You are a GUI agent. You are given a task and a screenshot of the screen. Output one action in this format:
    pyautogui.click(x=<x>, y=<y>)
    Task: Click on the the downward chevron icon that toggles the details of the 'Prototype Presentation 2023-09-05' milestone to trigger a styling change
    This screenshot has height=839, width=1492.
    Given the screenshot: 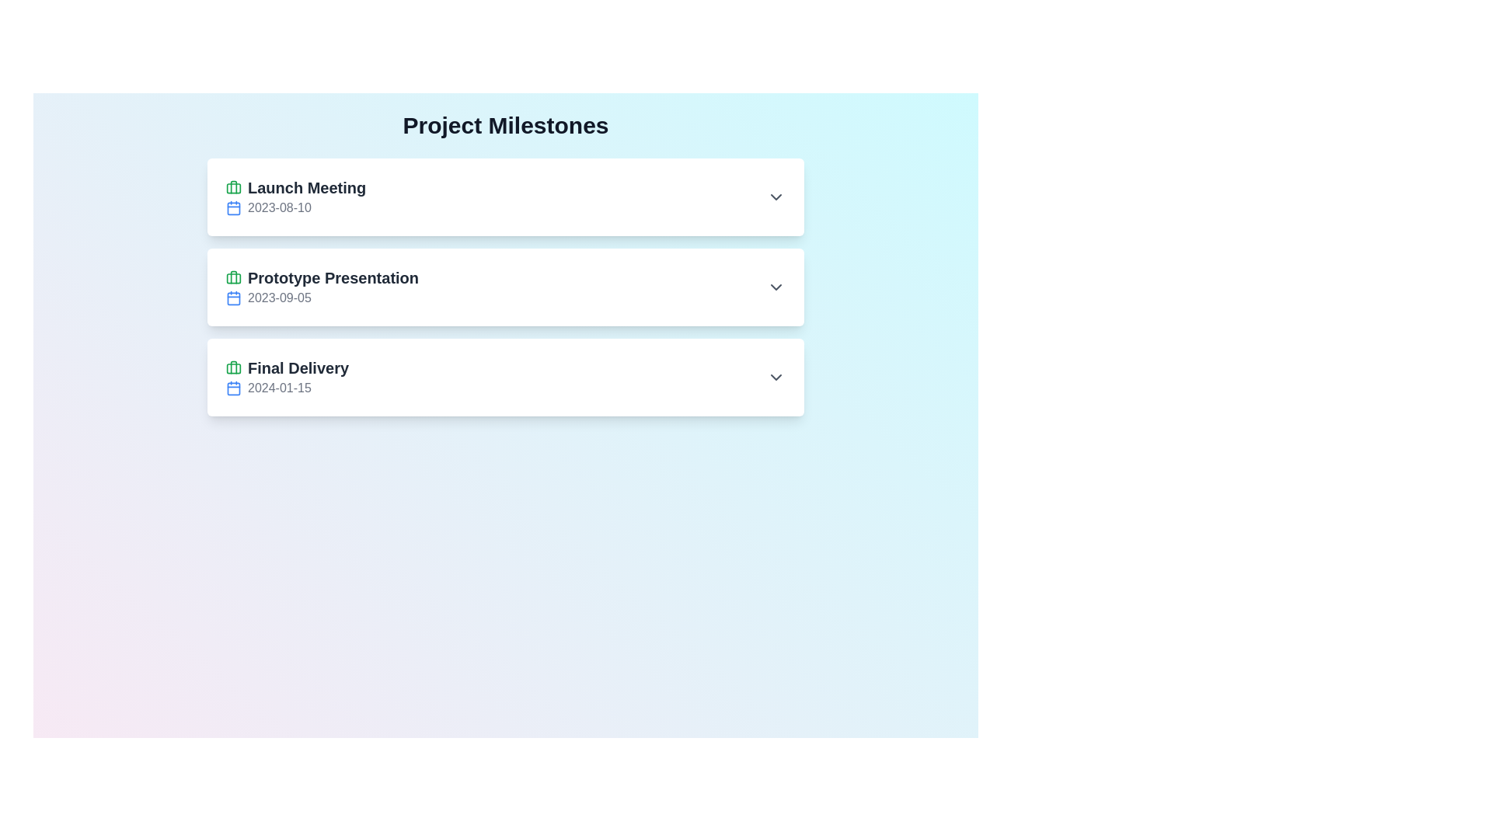 What is the action you would take?
    pyautogui.click(x=776, y=287)
    